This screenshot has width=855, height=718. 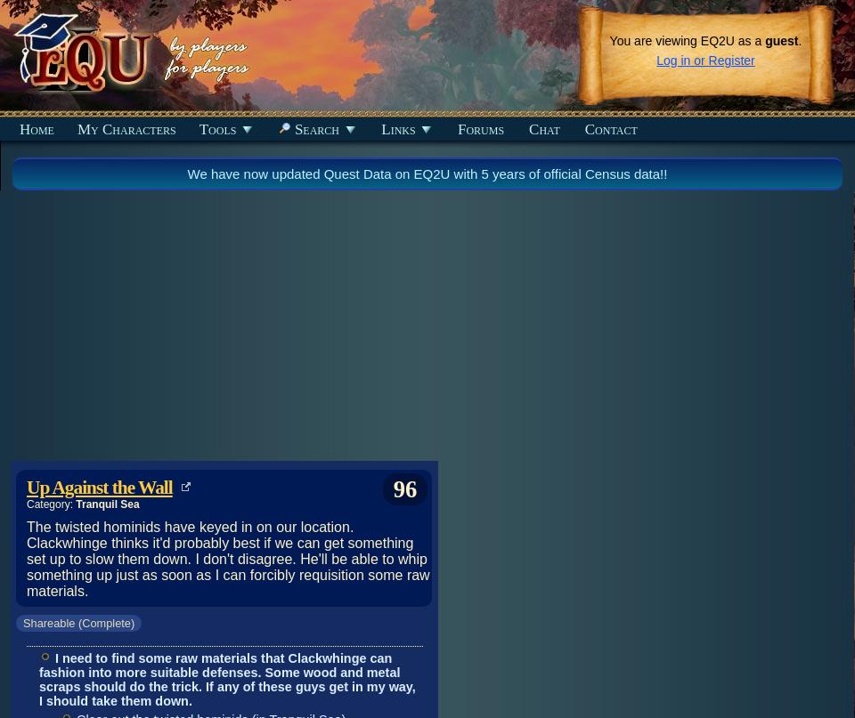 What do you see at coordinates (610, 128) in the screenshot?
I see `'Contact'` at bounding box center [610, 128].